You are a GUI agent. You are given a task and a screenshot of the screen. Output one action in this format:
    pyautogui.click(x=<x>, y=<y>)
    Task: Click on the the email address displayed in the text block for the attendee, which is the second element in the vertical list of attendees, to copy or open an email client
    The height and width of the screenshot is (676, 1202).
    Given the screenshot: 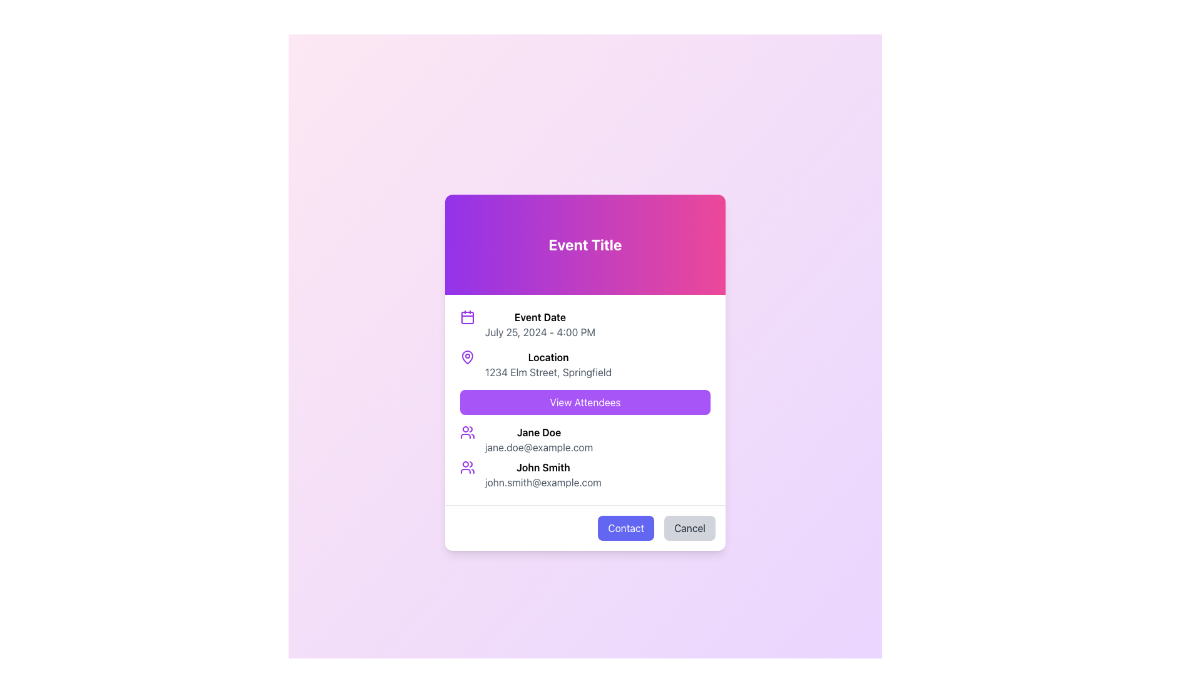 What is the action you would take?
    pyautogui.click(x=543, y=474)
    